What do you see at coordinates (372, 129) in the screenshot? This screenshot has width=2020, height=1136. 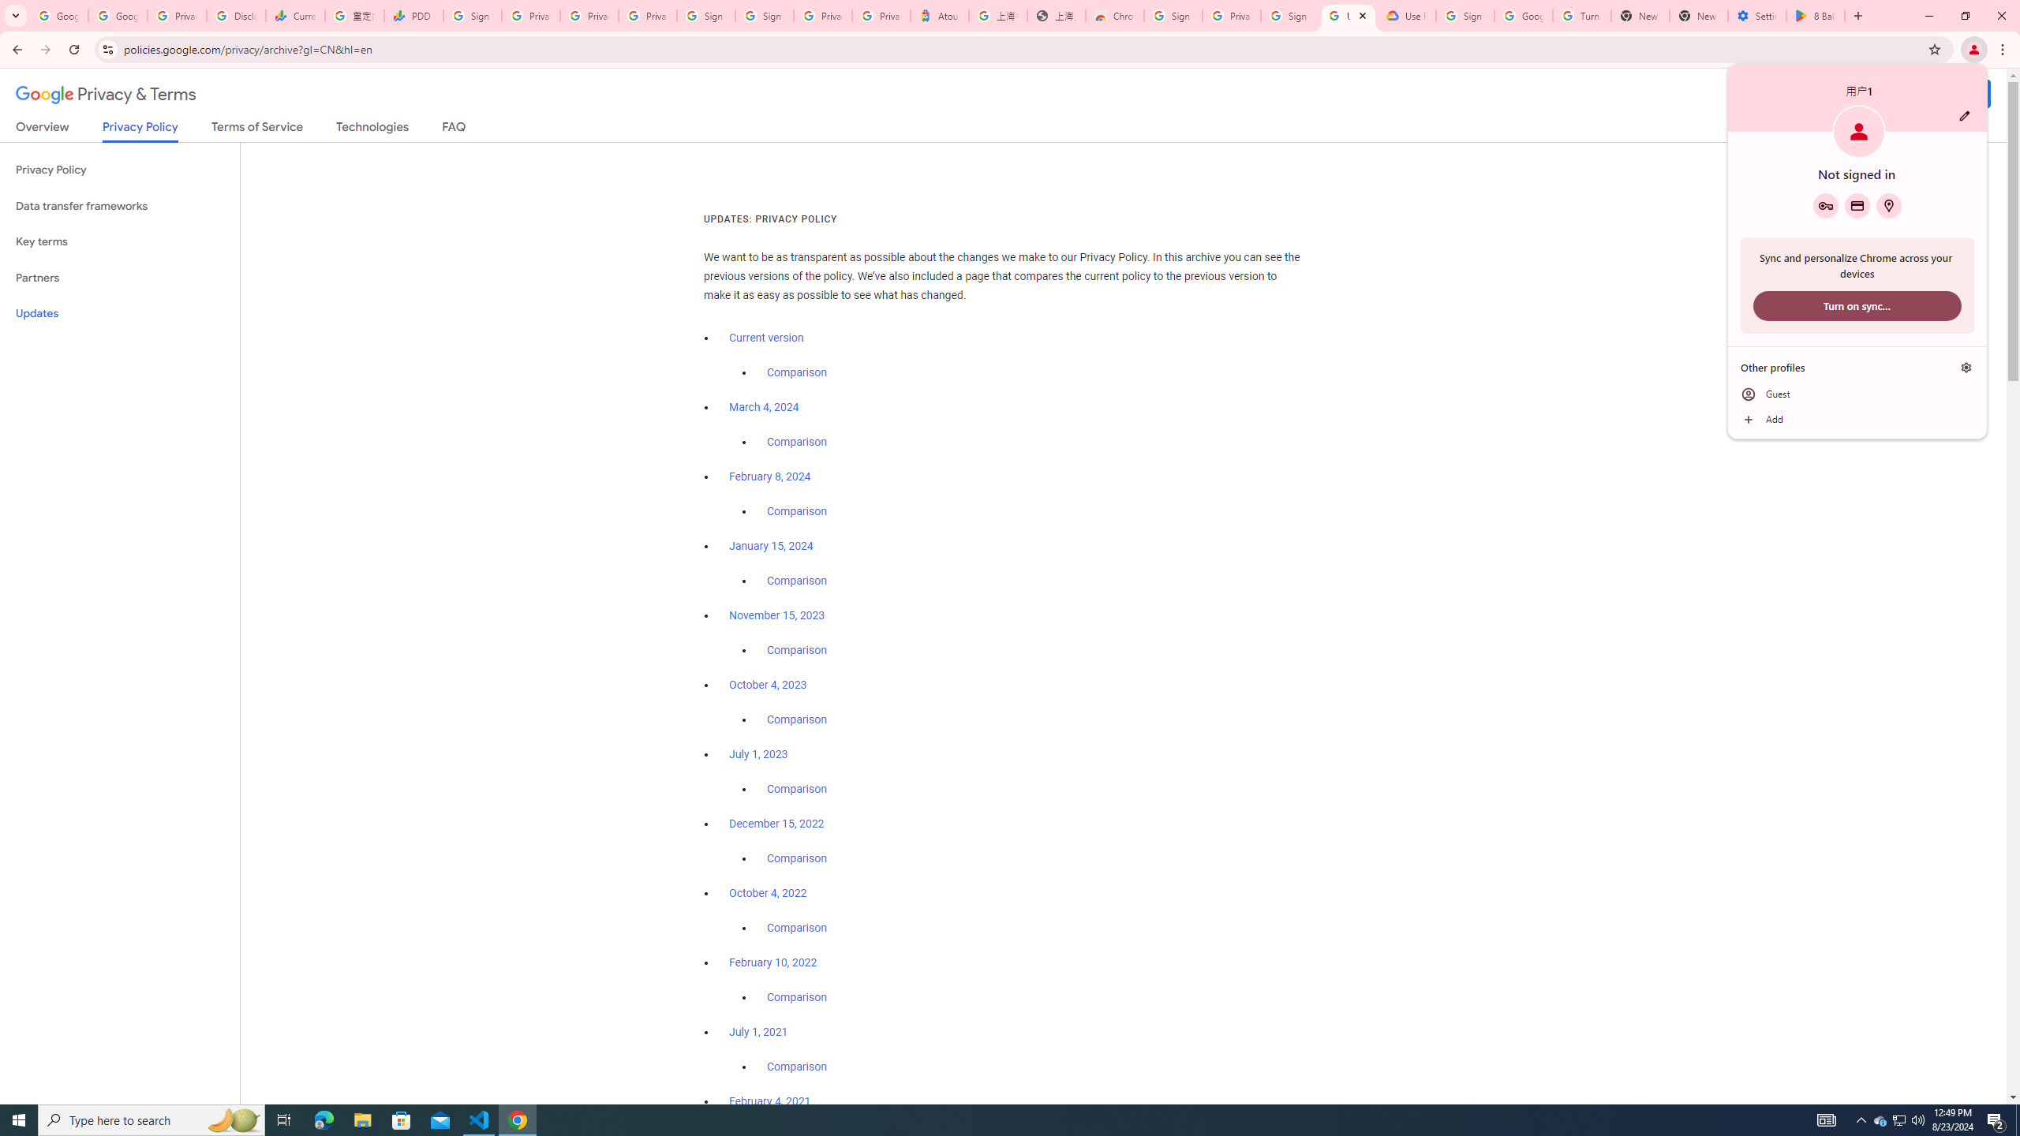 I see `'Technologies'` at bounding box center [372, 129].